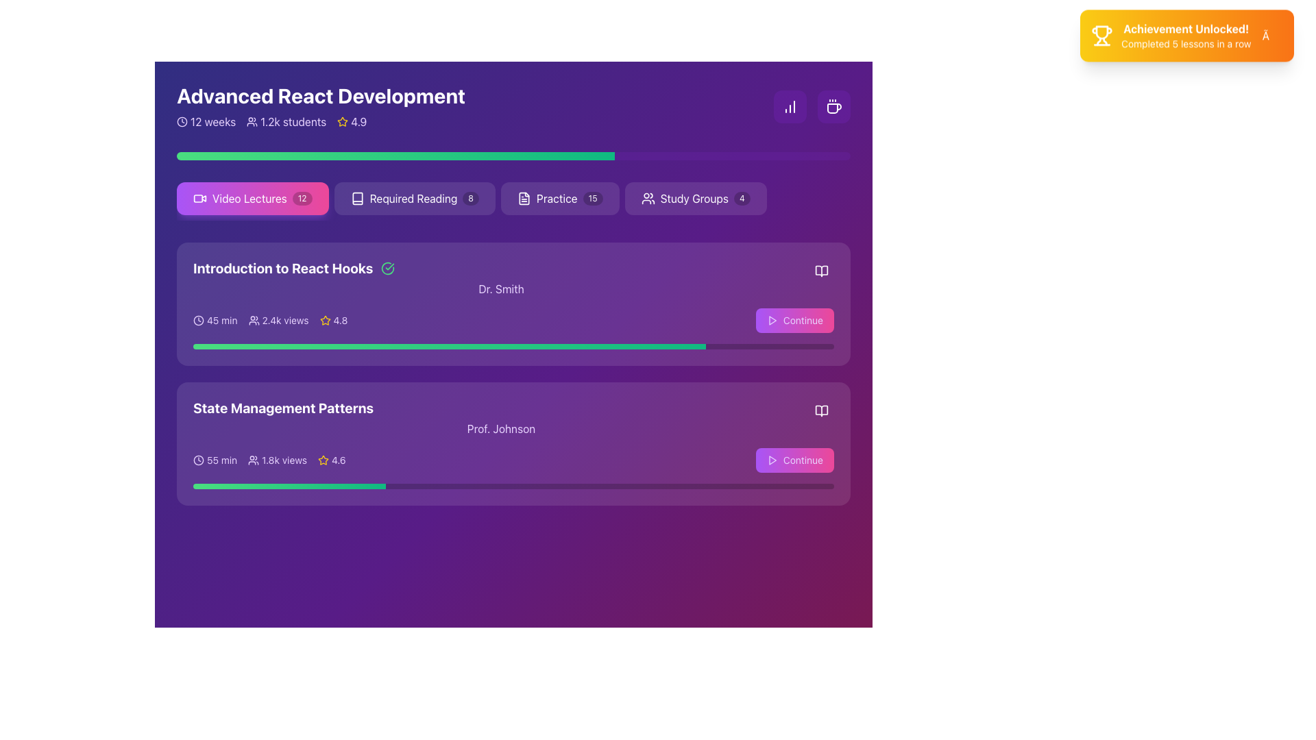  I want to click on the user icon and text indicator showing '1.8k views' within the 'State Management Patterns' course metadata, located between the '55 min' time indicator and '4.6' rating score, so click(277, 460).